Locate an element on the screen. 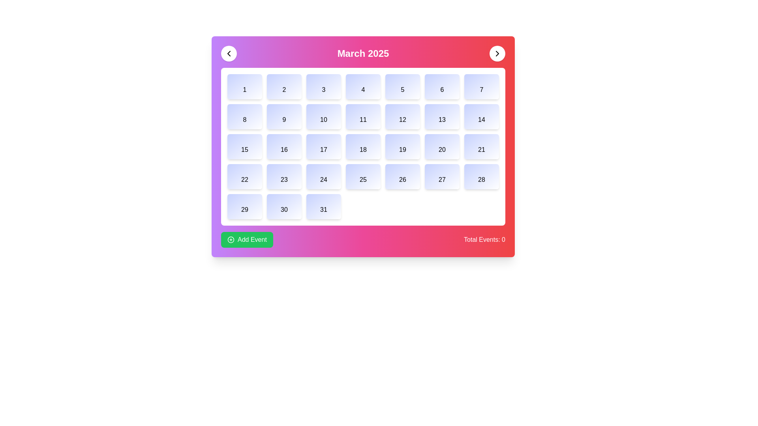  the navigation button located at the top-left corner of the calendar interface to go to the previous month is located at coordinates (229, 53).